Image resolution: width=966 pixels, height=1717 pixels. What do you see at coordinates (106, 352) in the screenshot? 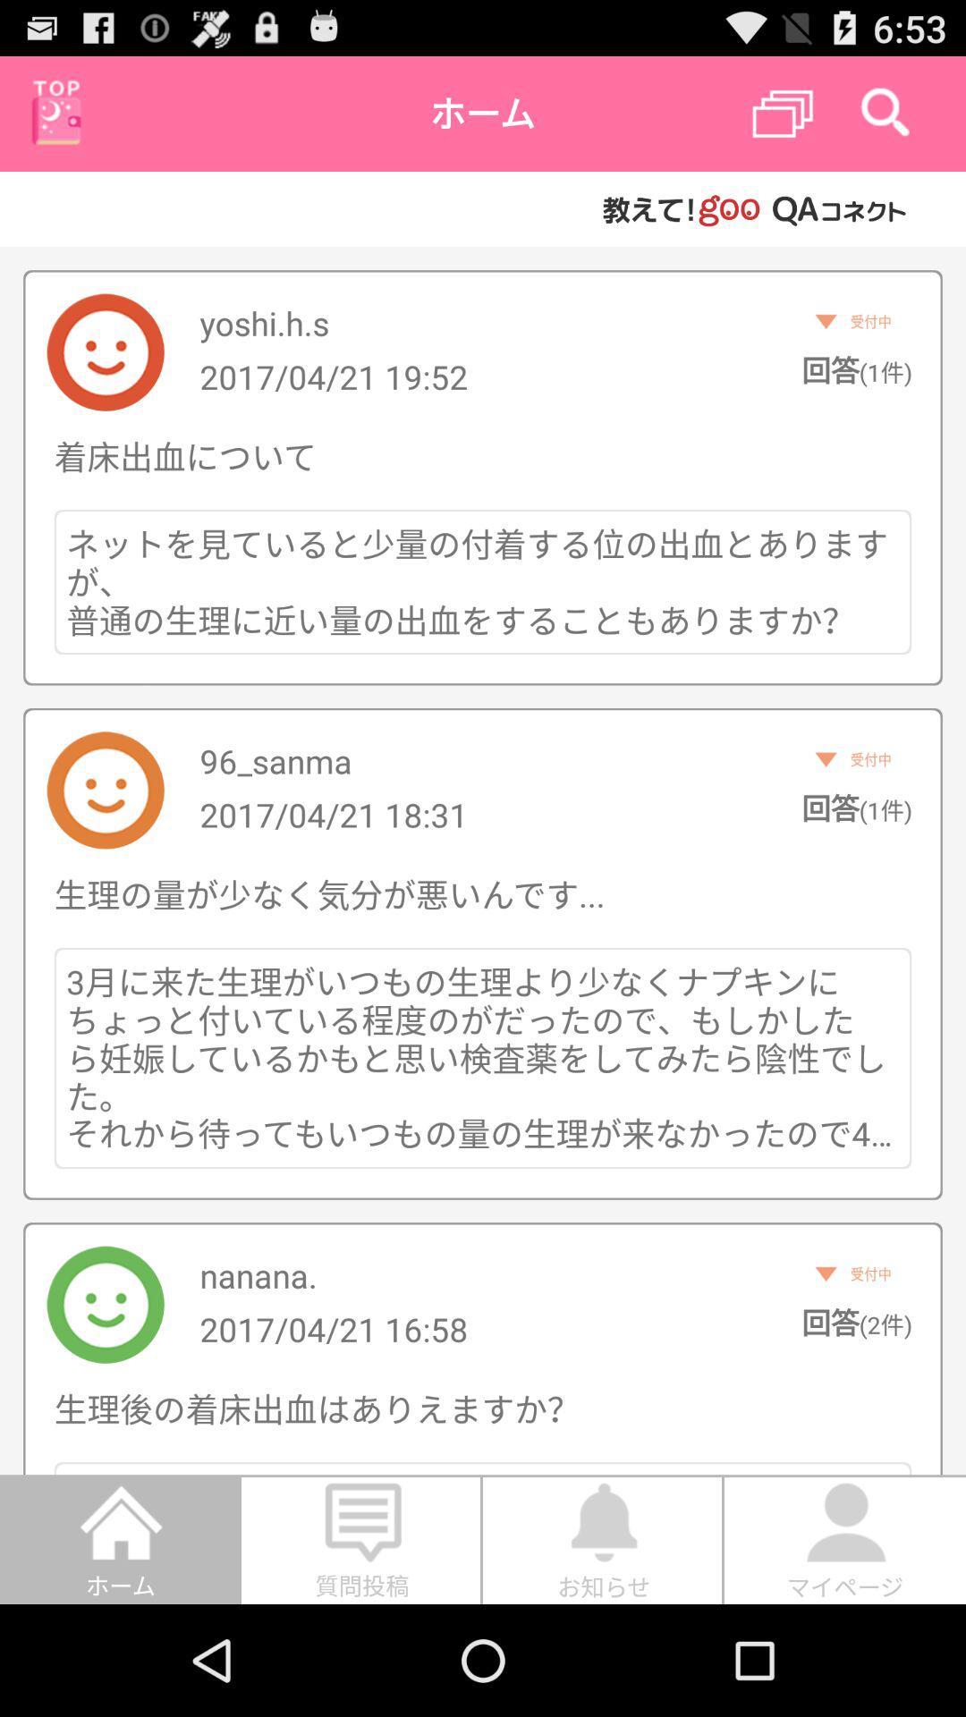
I see `the first image from top` at bounding box center [106, 352].